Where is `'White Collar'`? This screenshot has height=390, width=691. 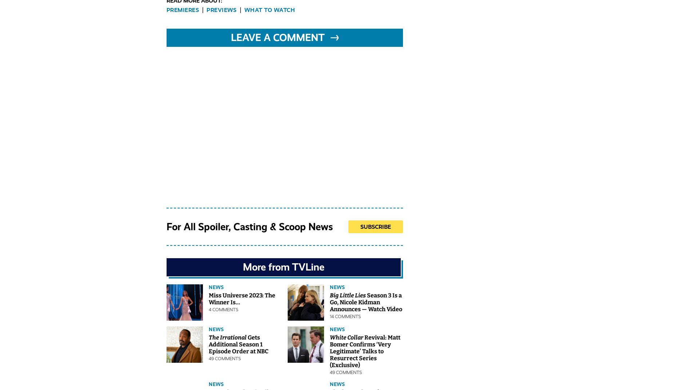
'White Collar' is located at coordinates (329, 337).